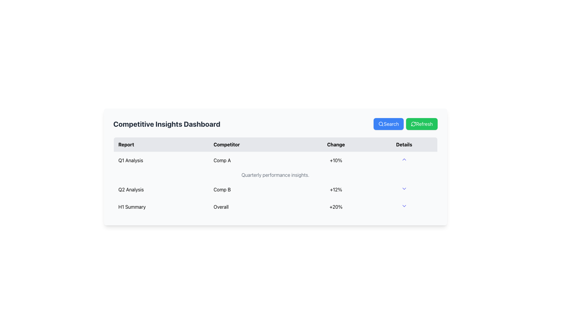 This screenshot has width=572, height=322. What do you see at coordinates (336, 190) in the screenshot?
I see `the text label displaying '+12%' in bold black font, which is located in the 'Change' column of the 'Q2 Analysis Comp B+12%' row` at bounding box center [336, 190].